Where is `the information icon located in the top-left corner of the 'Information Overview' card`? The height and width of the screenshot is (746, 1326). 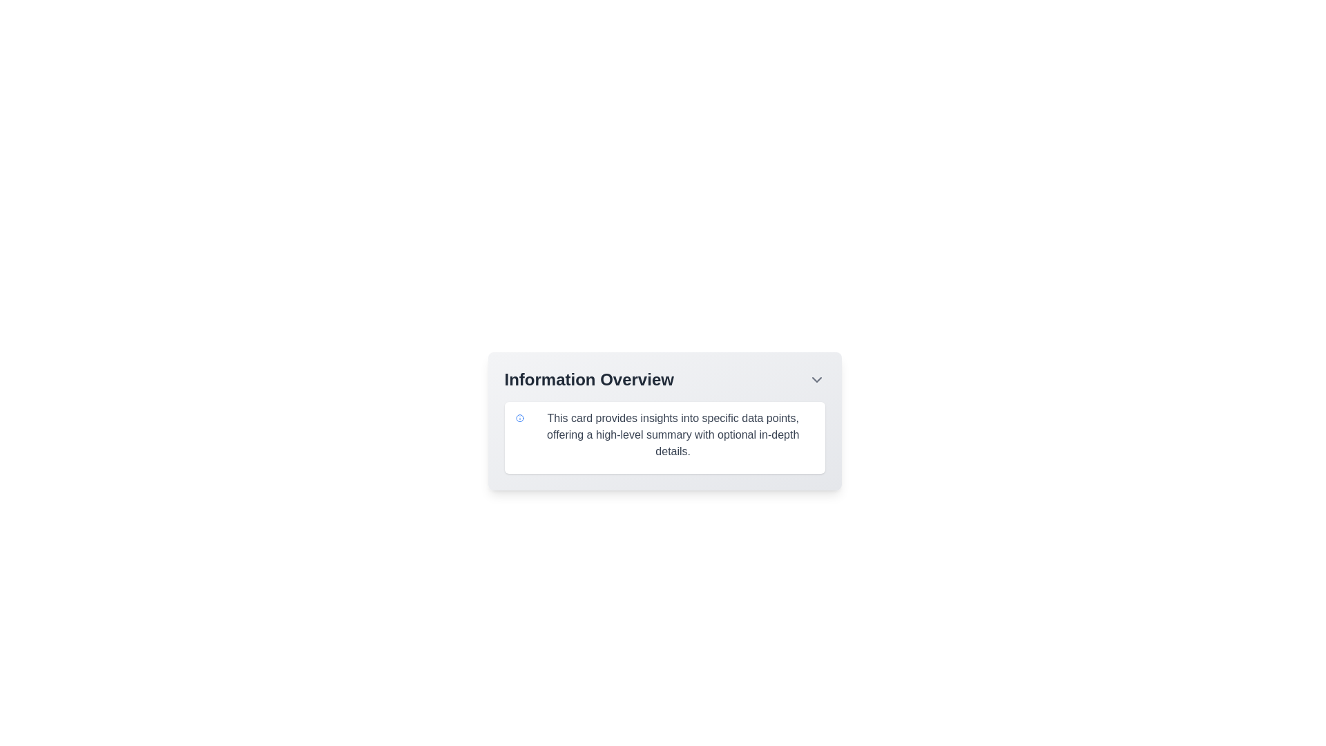 the information icon located in the top-left corner of the 'Information Overview' card is located at coordinates (519, 417).